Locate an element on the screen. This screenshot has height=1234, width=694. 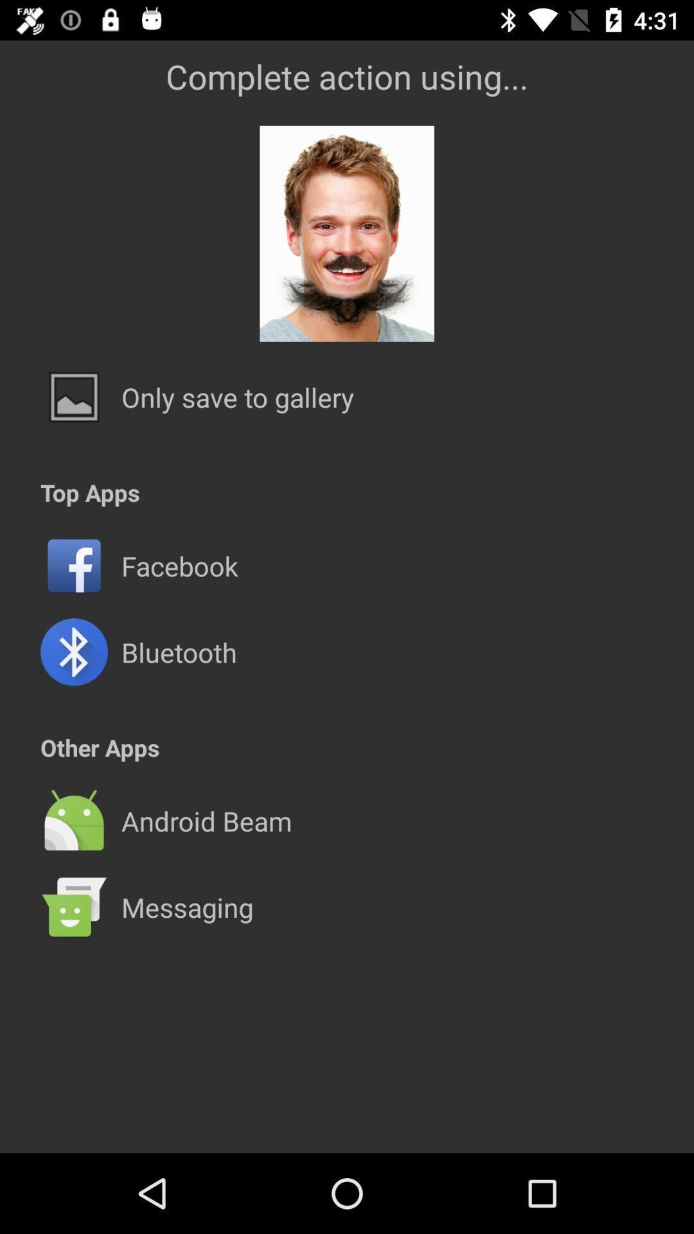
item below top apps is located at coordinates (347, 523).